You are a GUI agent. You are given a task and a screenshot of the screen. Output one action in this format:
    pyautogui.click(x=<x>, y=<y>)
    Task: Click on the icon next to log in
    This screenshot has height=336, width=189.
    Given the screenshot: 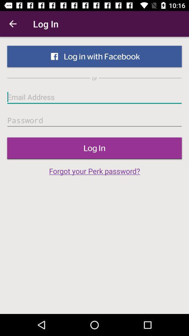 What is the action you would take?
    pyautogui.click(x=13, y=24)
    